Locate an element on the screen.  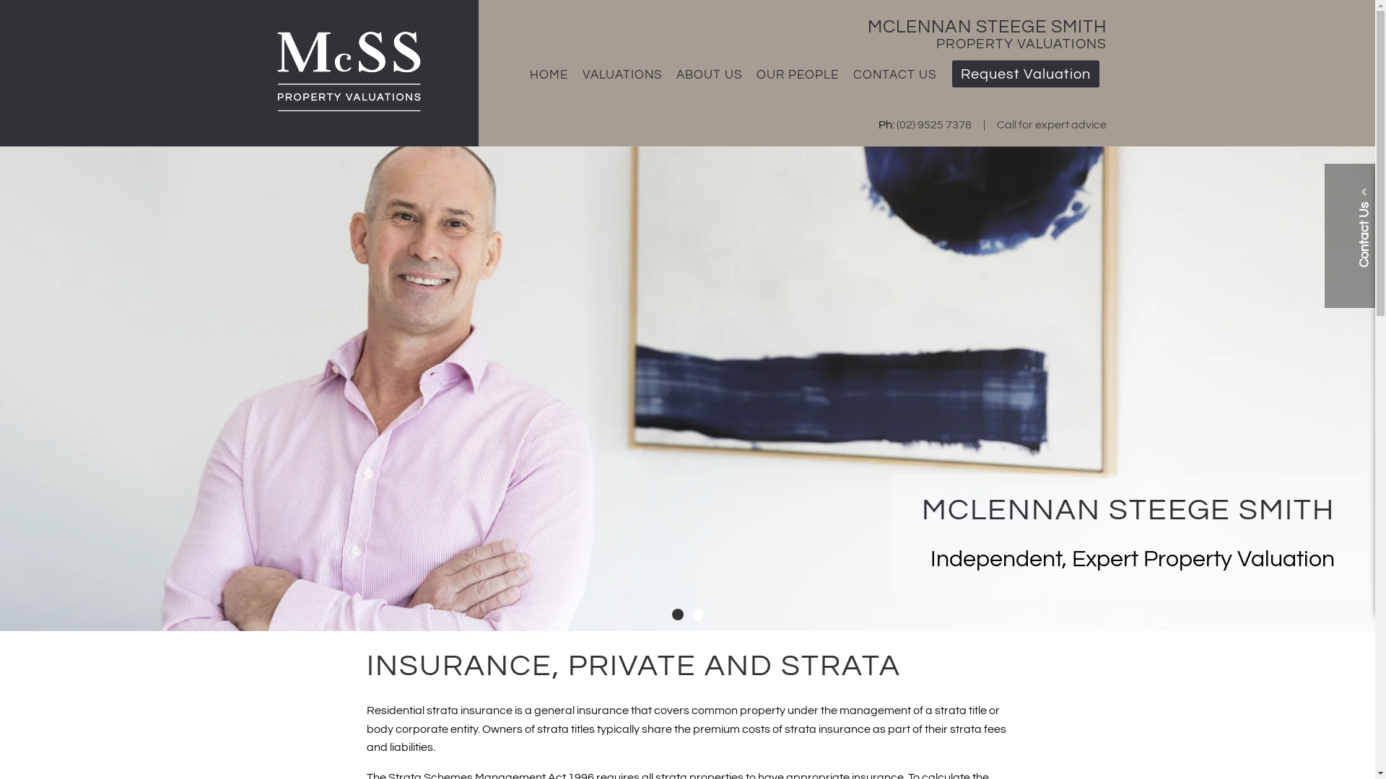
'Request Valuation' is located at coordinates (1024, 74).